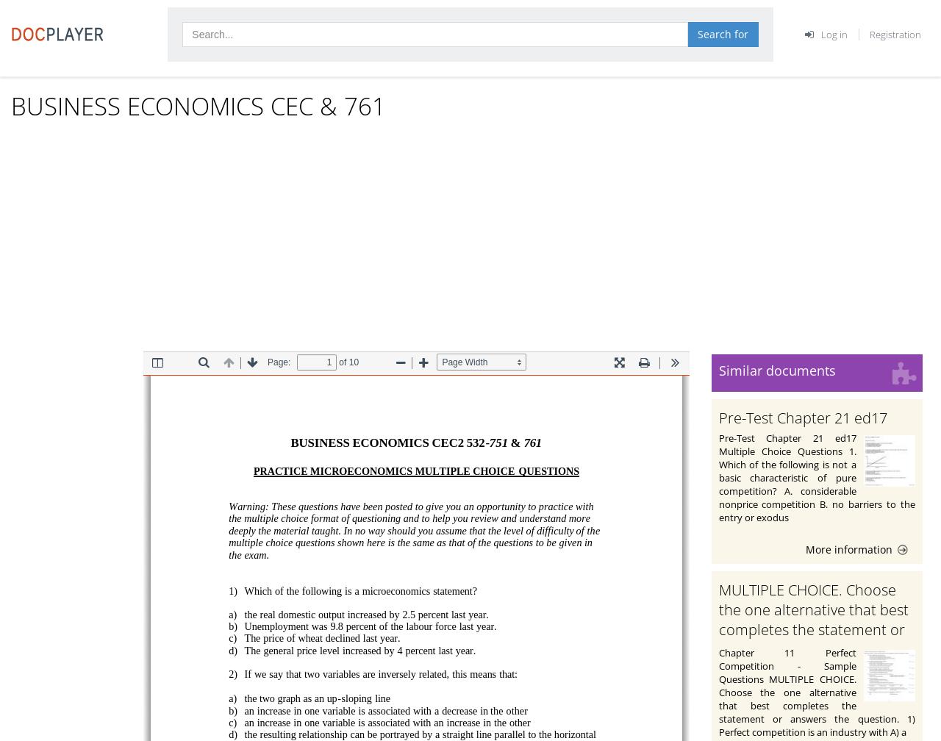  What do you see at coordinates (816, 476) in the screenshot?
I see `'Pre-Test Chapter 21 ed17 Multiple Choice Questions 1. Which of the following is not a basic characteristic of pure competition? A. considerable nonprice competition B. no barriers to the entry or exodus'` at bounding box center [816, 476].